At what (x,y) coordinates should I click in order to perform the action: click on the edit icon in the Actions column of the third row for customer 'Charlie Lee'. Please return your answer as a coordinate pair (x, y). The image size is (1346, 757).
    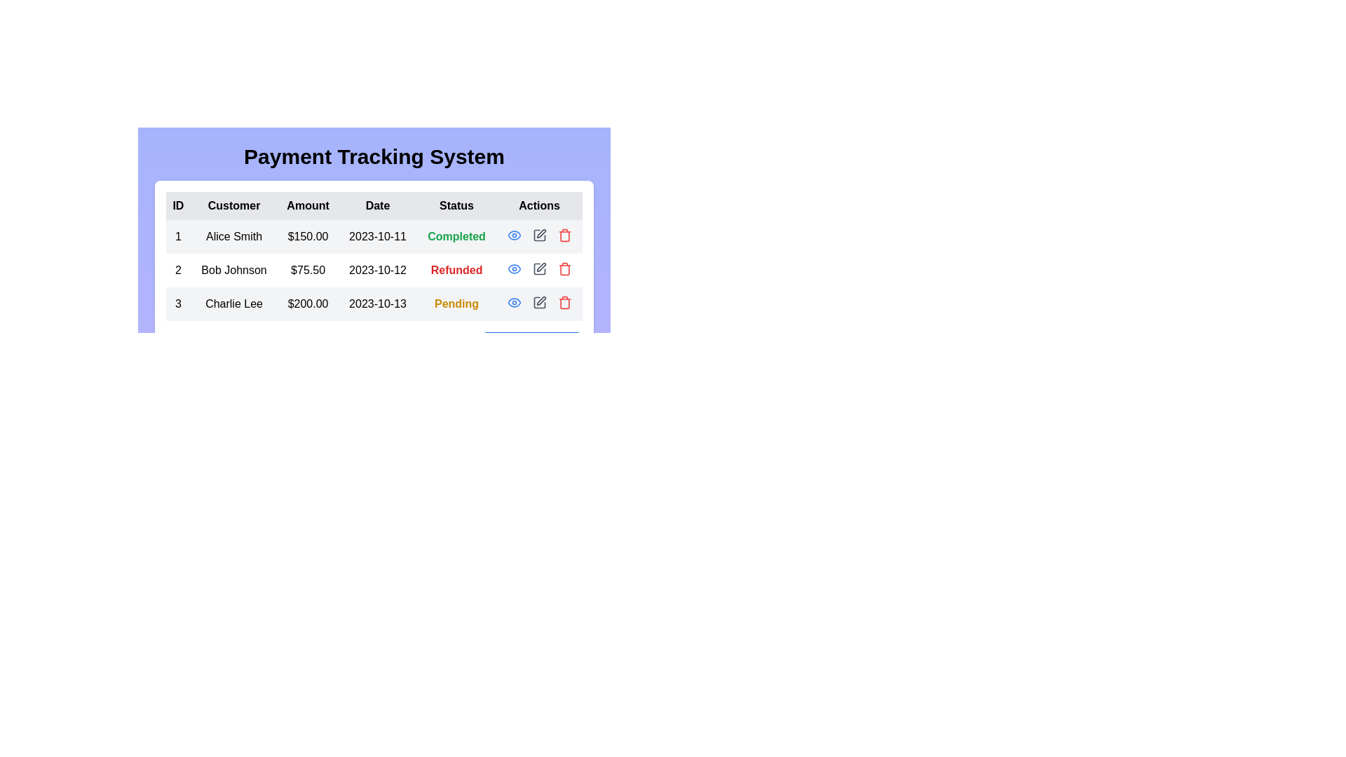
    Looking at the image, I should click on (541, 300).